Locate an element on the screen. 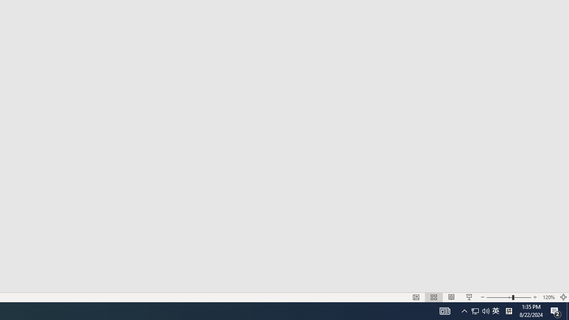 The width and height of the screenshot is (569, 320). 'Slide Sorter' is located at coordinates (434, 297).